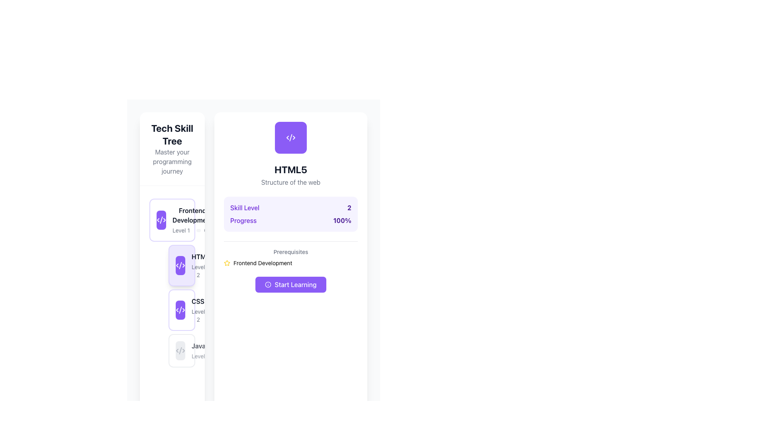 The image size is (765, 430). I want to click on the JavaScript skill level card, which is the fourth card in the left sidebar, following Frontend Development, HTML5, and CSS, so click(181, 350).